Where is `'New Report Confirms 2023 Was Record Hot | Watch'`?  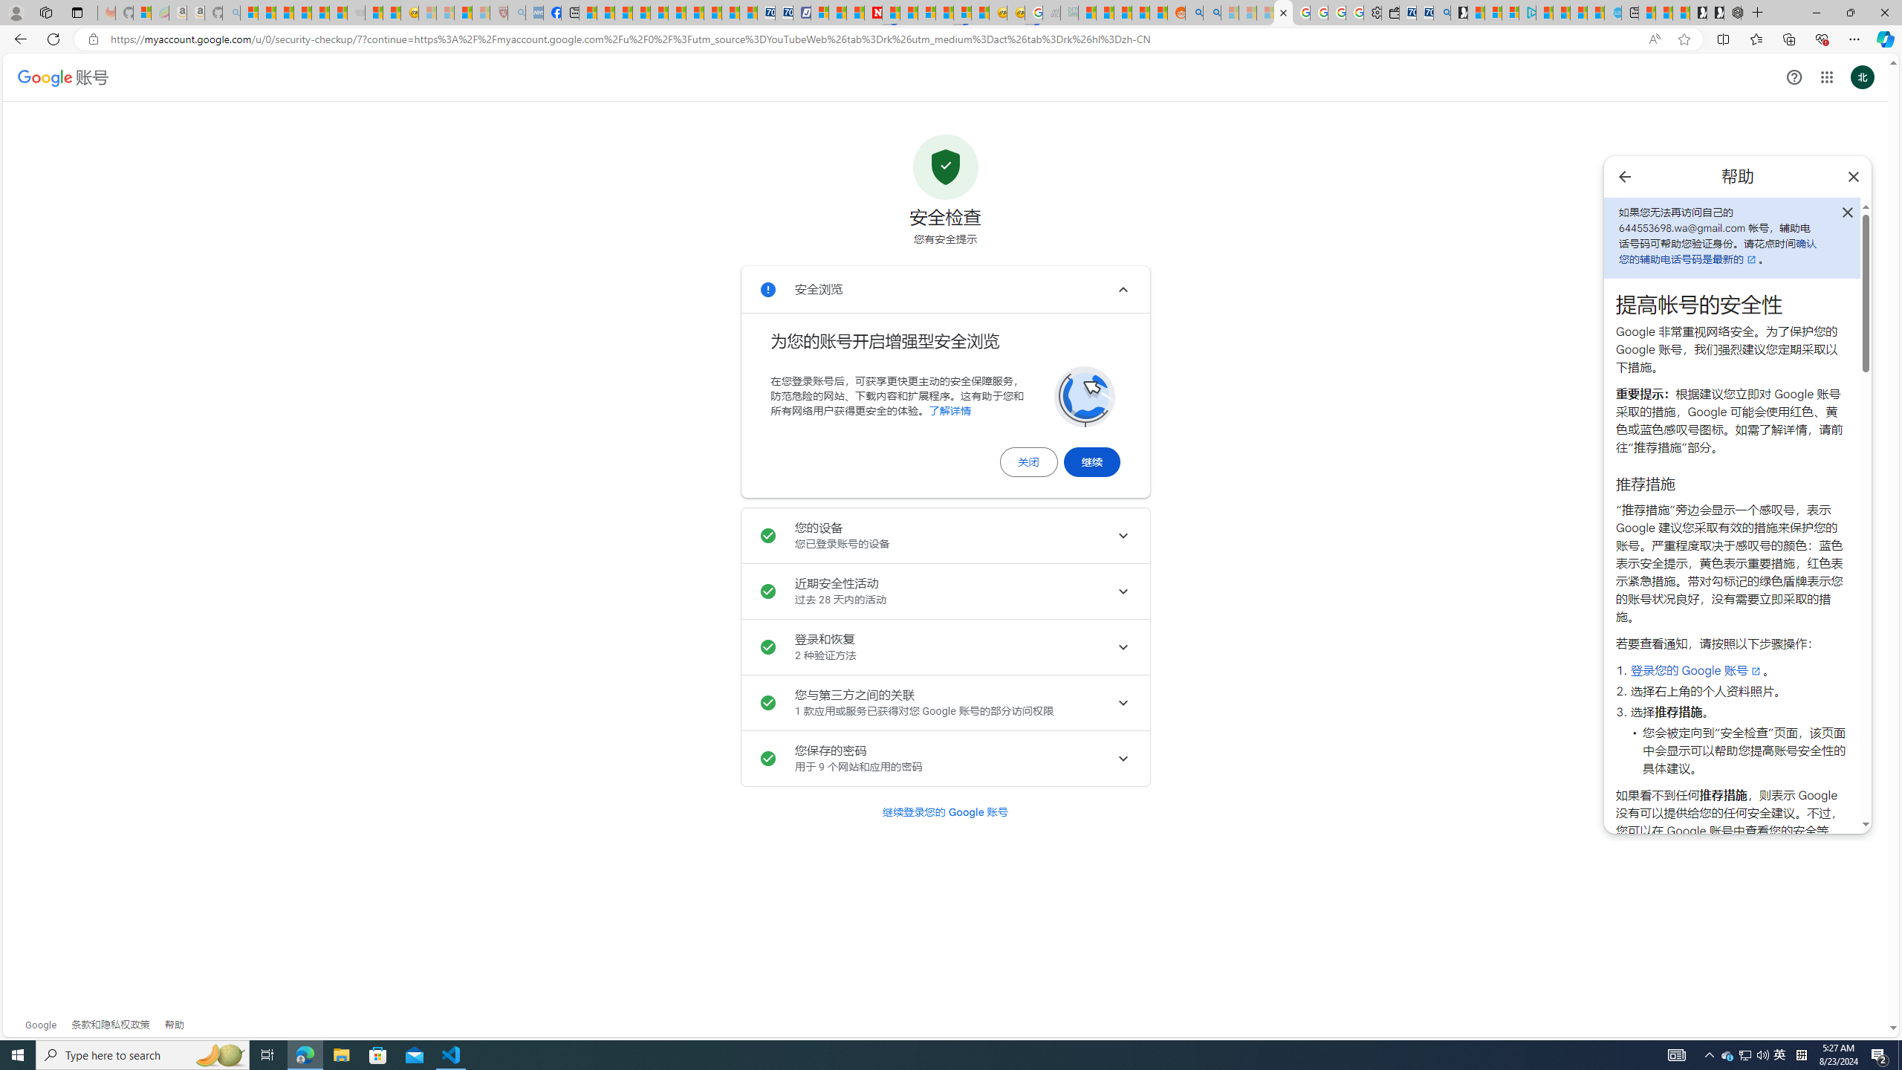 'New Report Confirms 2023 Was Record Hot | Watch' is located at coordinates (321, 12).